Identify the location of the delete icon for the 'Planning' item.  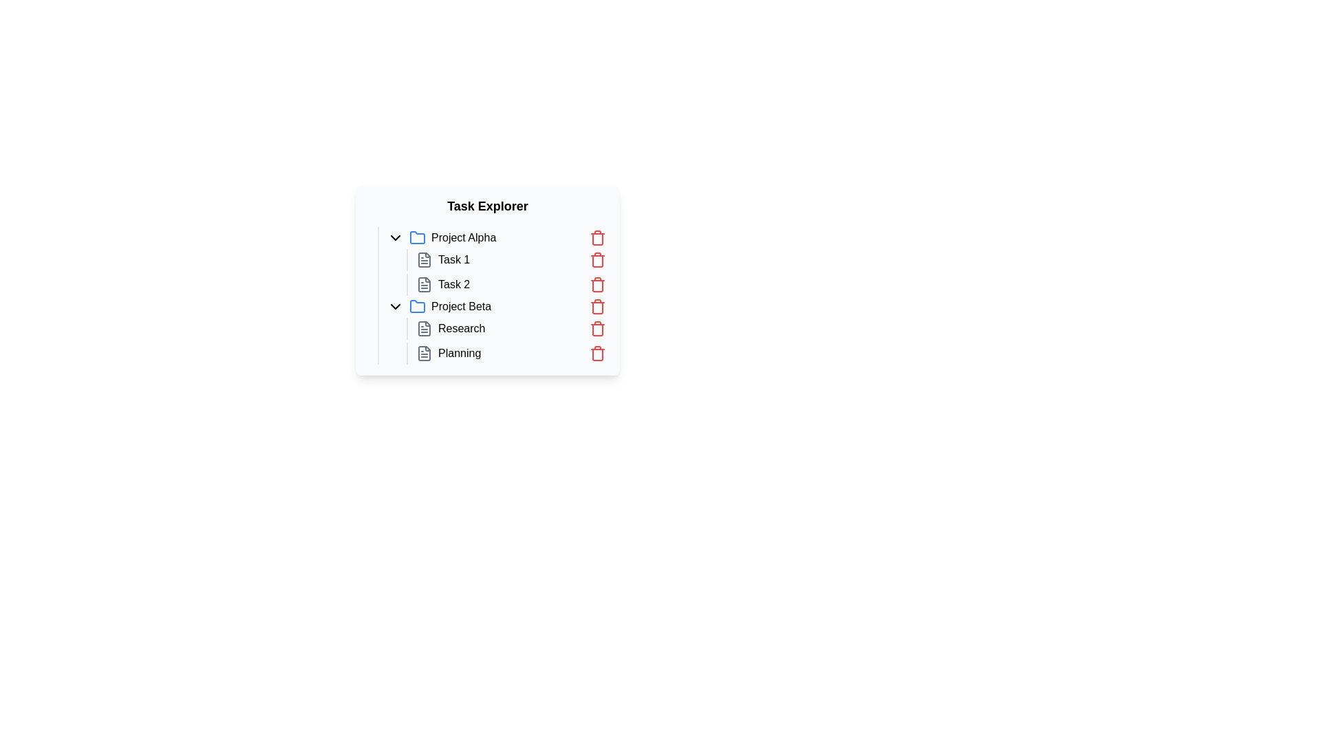
(597, 352).